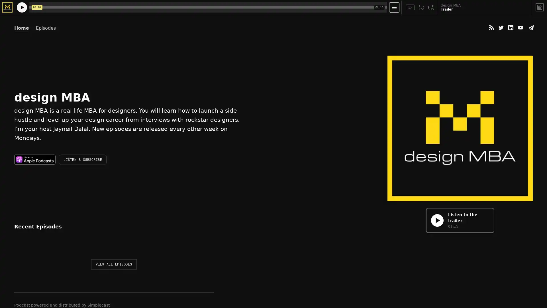 Image resolution: width=547 pixels, height=308 pixels. What do you see at coordinates (421, 7) in the screenshot?
I see `Rewind 15 Seconds` at bounding box center [421, 7].